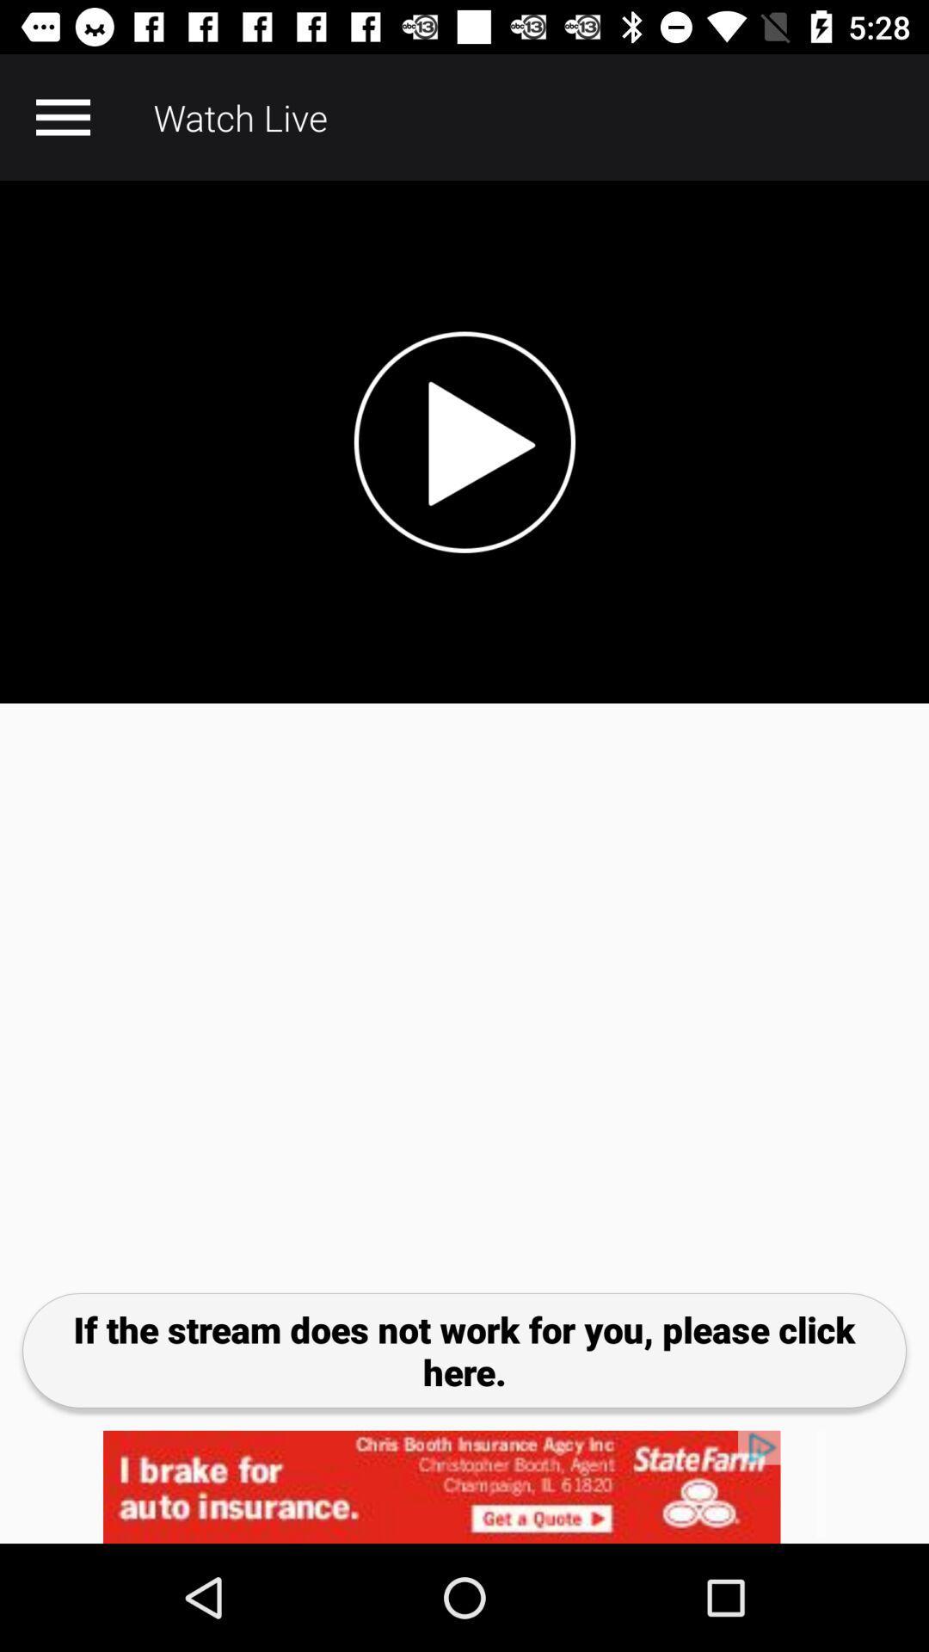  What do you see at coordinates (464, 1486) in the screenshot?
I see `advertisement` at bounding box center [464, 1486].